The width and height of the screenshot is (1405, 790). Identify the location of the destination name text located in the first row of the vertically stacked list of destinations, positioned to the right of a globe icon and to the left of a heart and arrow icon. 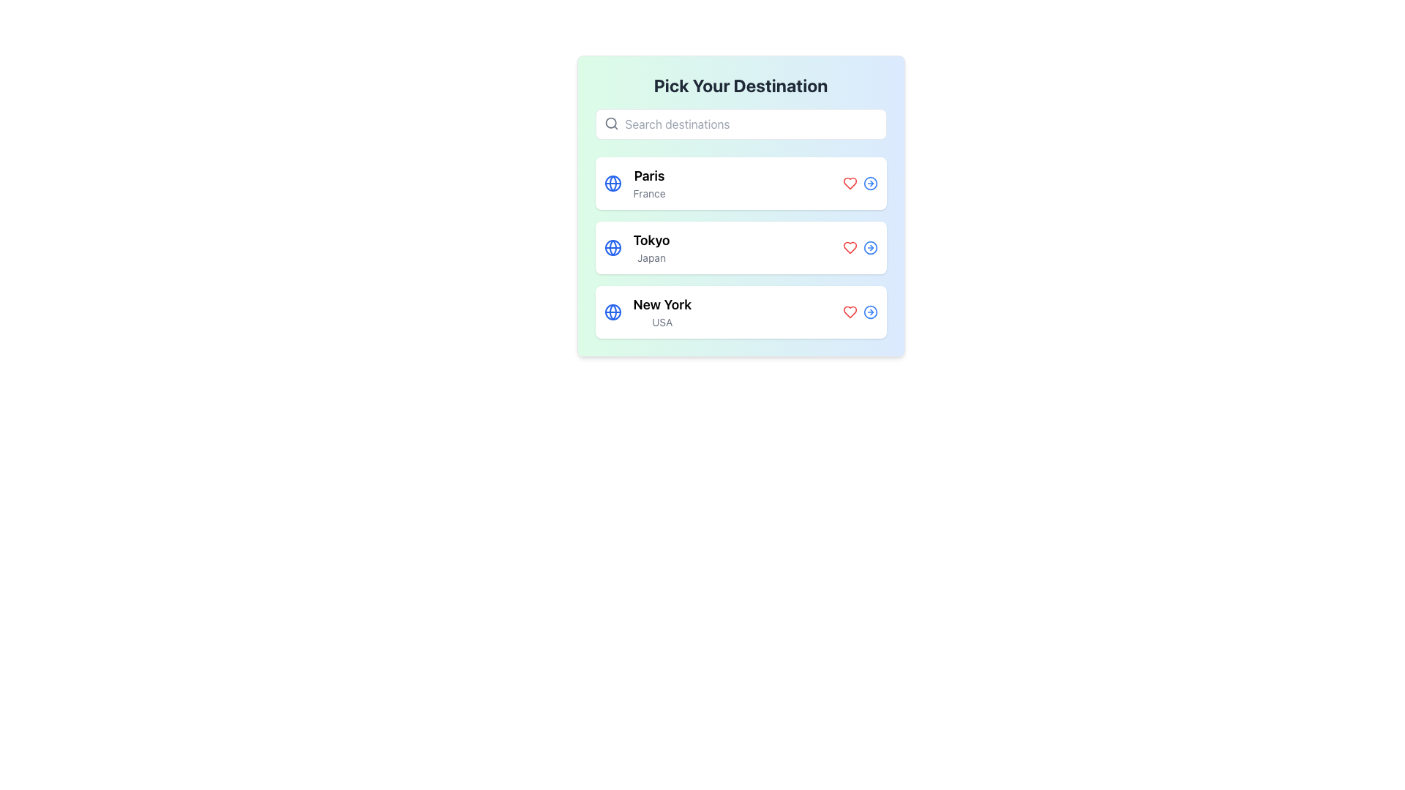
(648, 182).